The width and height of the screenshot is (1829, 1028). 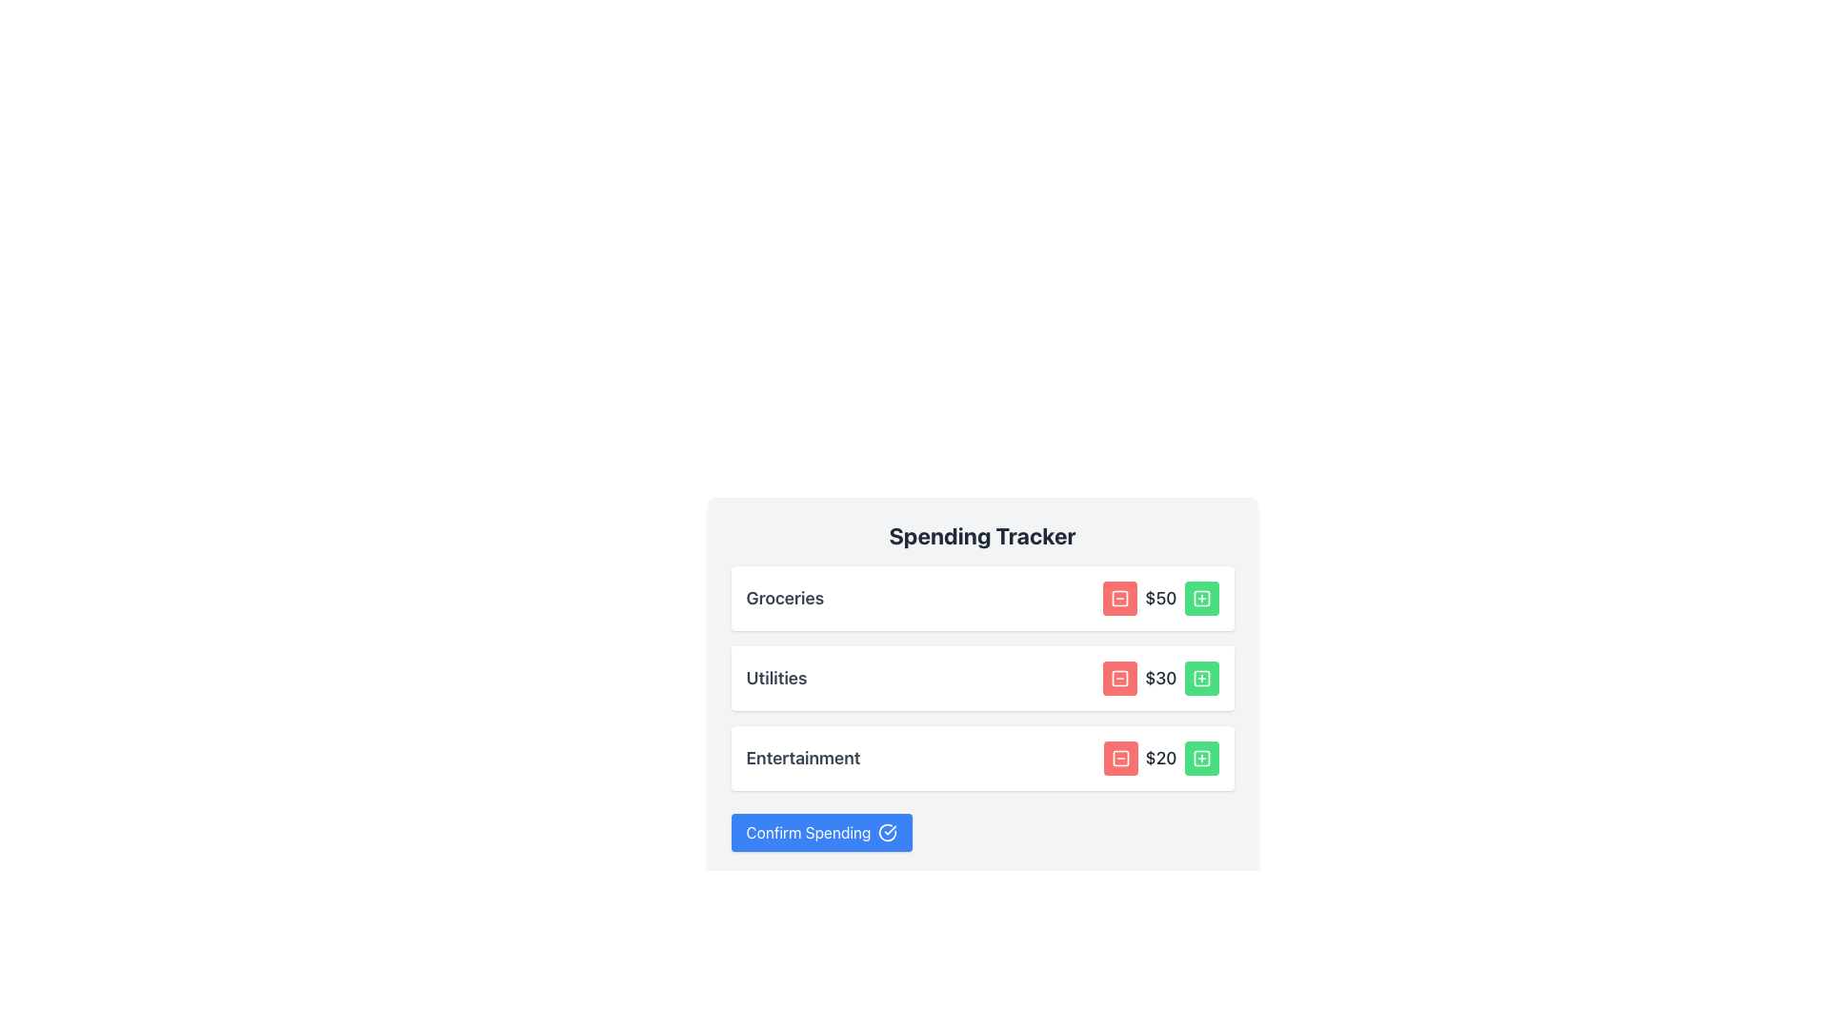 I want to click on the third entry in the 'Spending Tracker' list, categorized under 'Entertainment', so click(x=982, y=758).